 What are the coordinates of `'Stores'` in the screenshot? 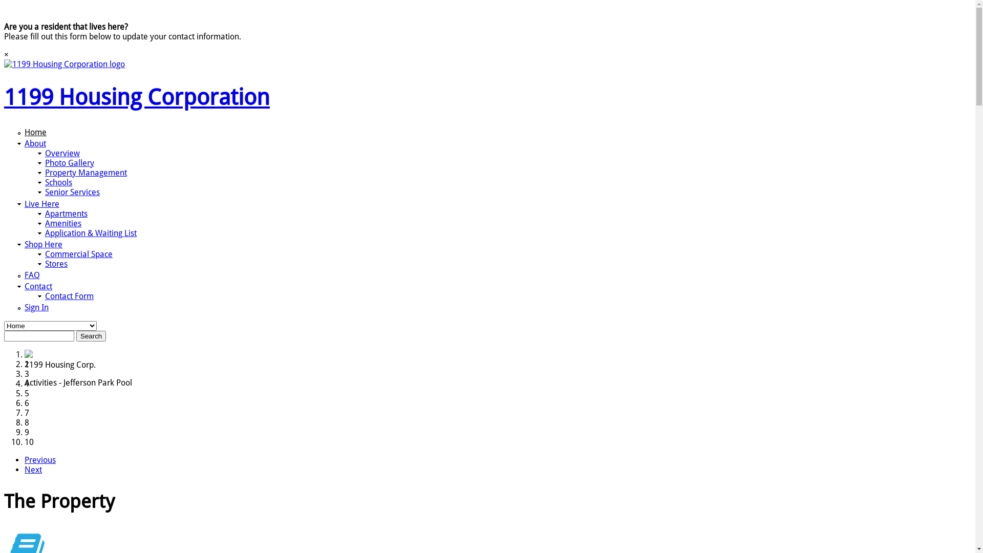 It's located at (56, 263).